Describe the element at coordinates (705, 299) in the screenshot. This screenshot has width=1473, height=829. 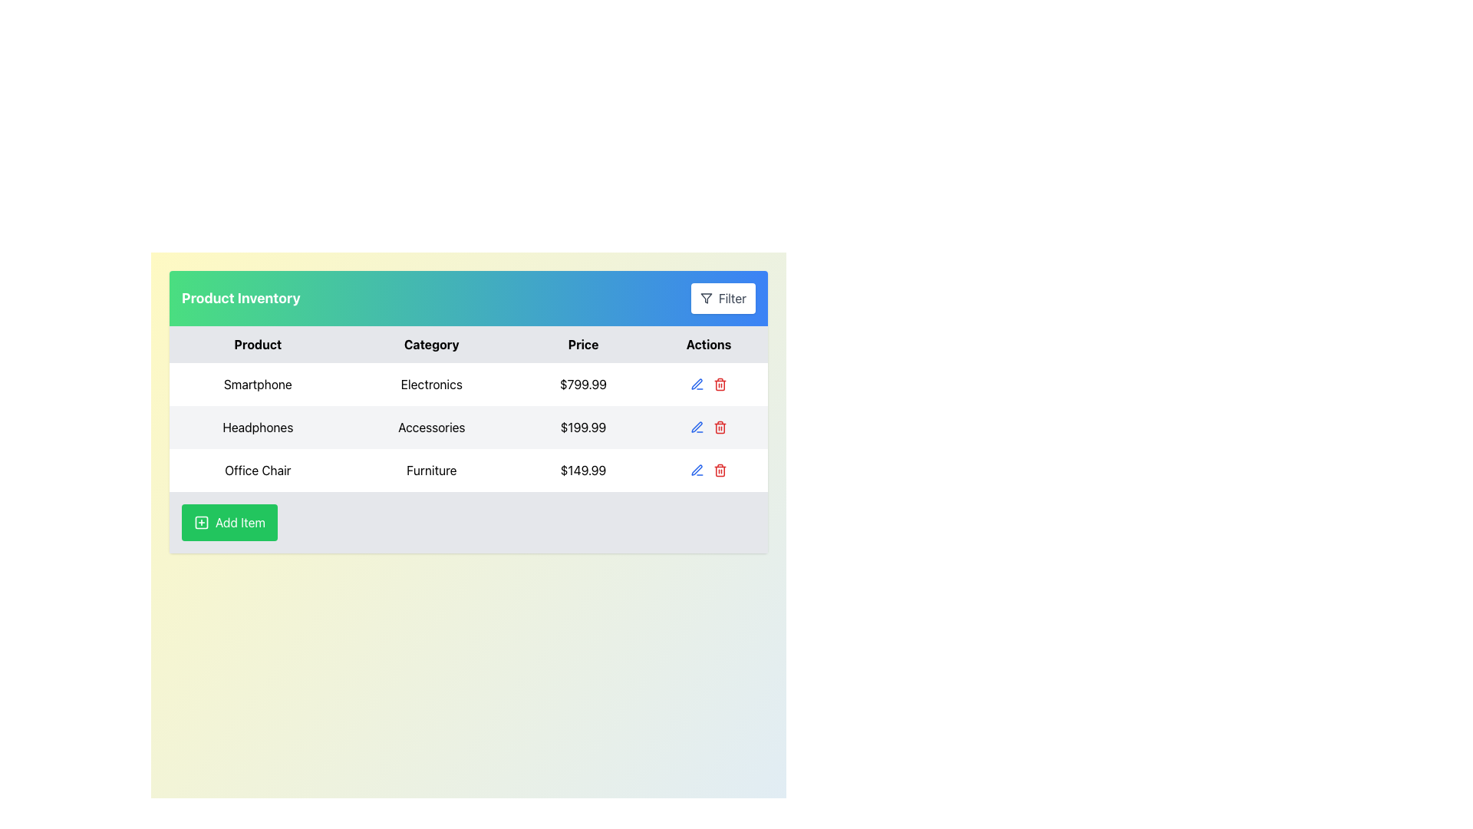
I see `the filtering icon located inside the 'Filter' button at the top-right corner of the product inventory section` at that location.